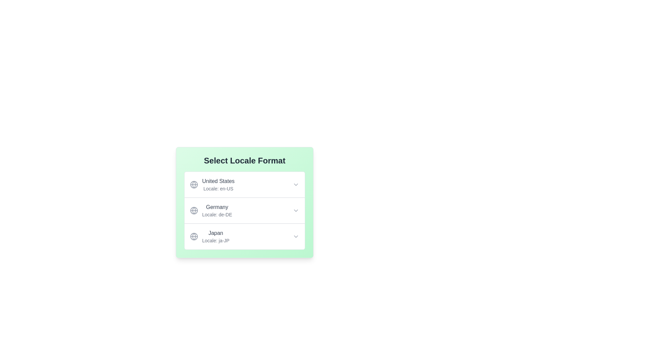 The width and height of the screenshot is (648, 364). Describe the element at coordinates (211, 210) in the screenshot. I see `the globe-like icon next to the 'Germany' selectable list item in the locale selections` at that location.